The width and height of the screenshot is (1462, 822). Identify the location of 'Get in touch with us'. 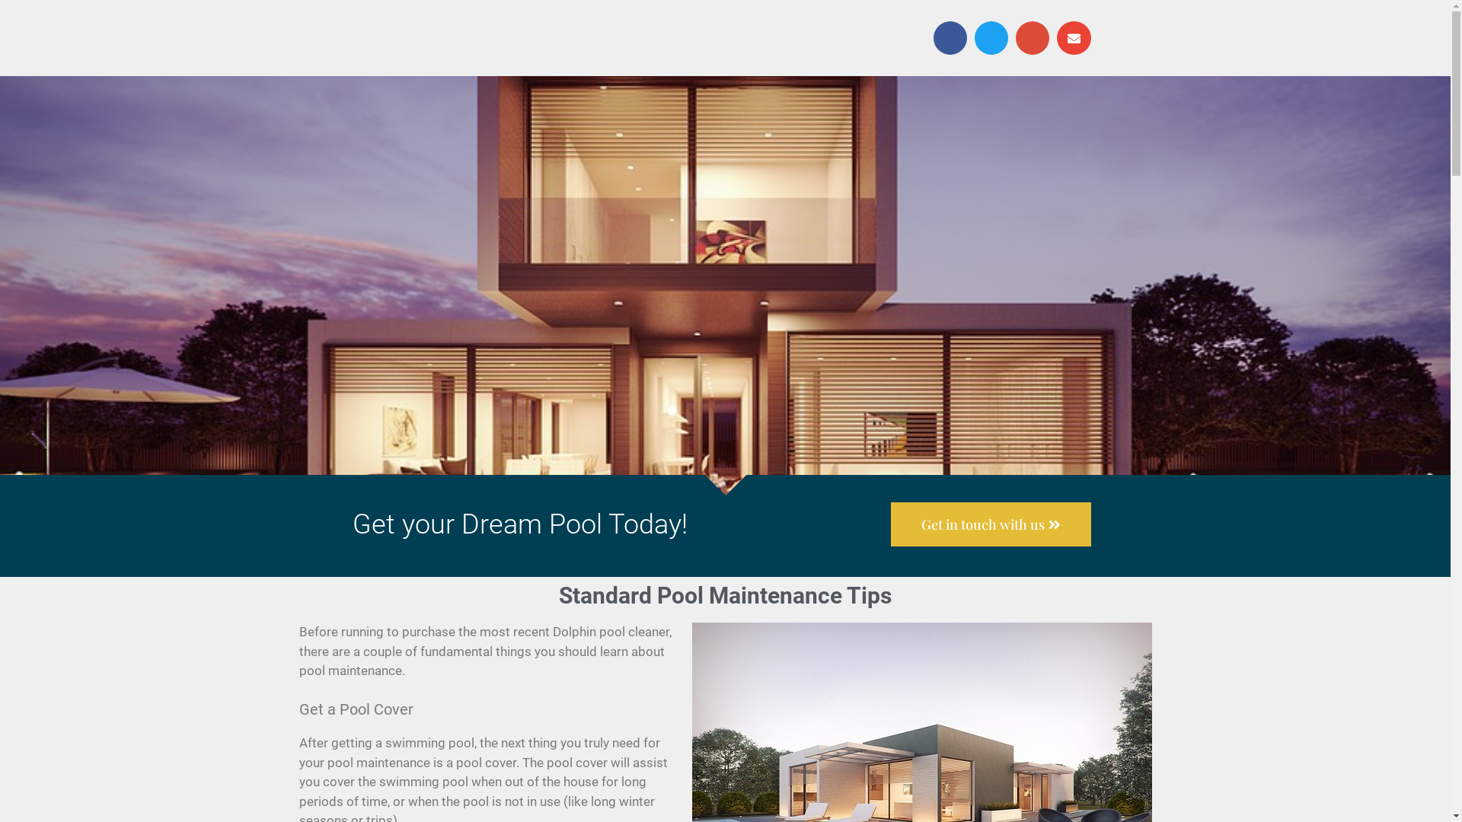
(991, 524).